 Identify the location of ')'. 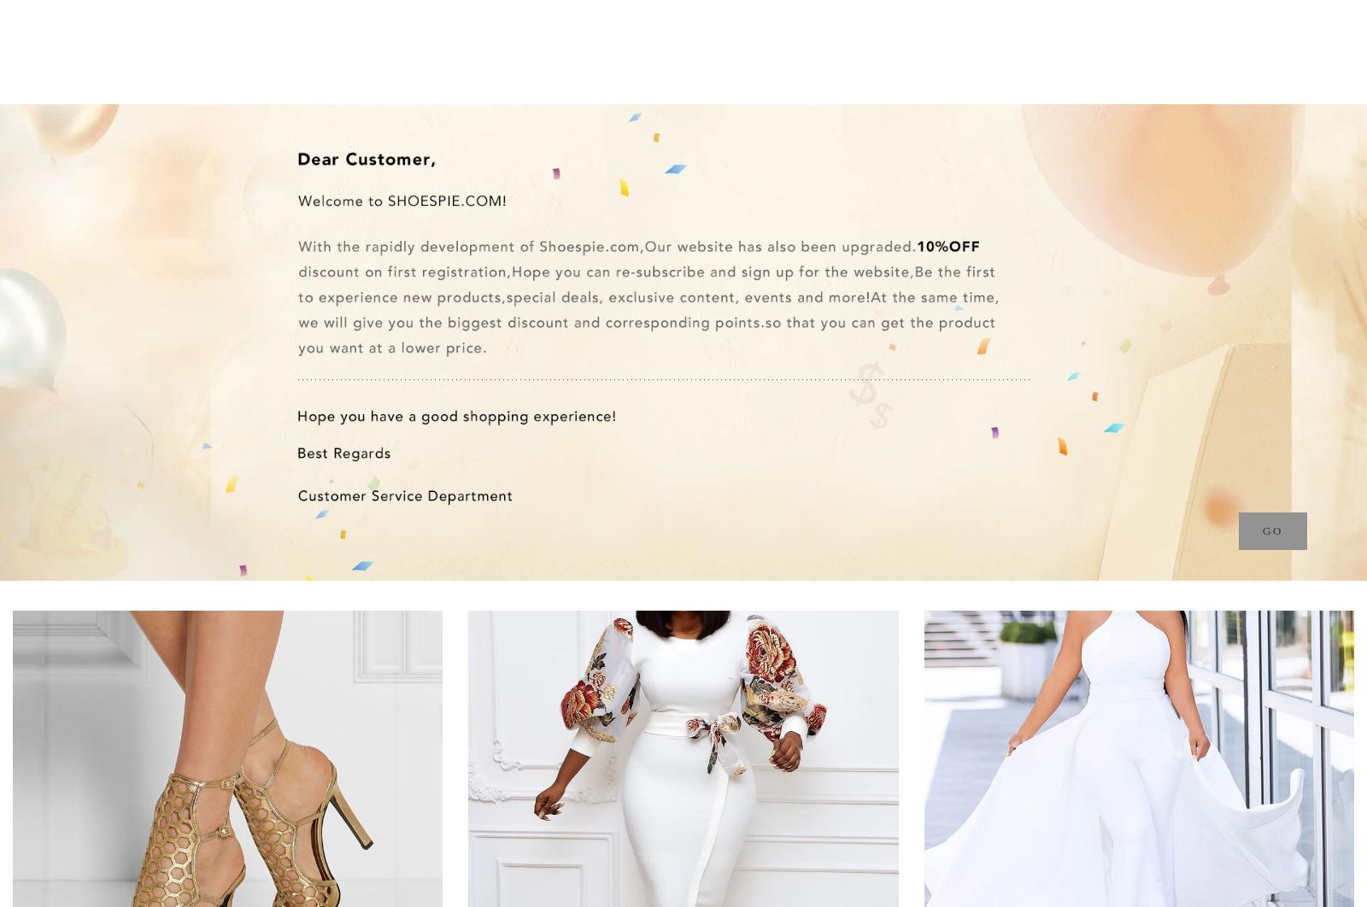
(1306, 26).